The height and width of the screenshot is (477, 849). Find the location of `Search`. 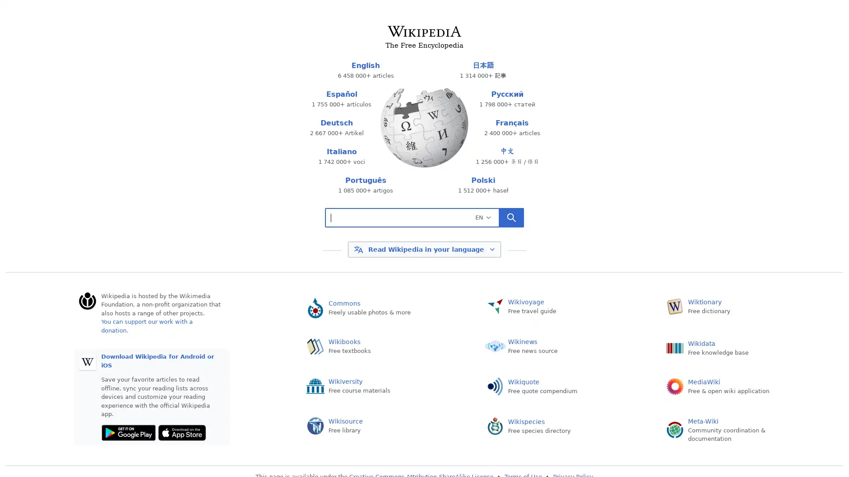

Search is located at coordinates (511, 218).